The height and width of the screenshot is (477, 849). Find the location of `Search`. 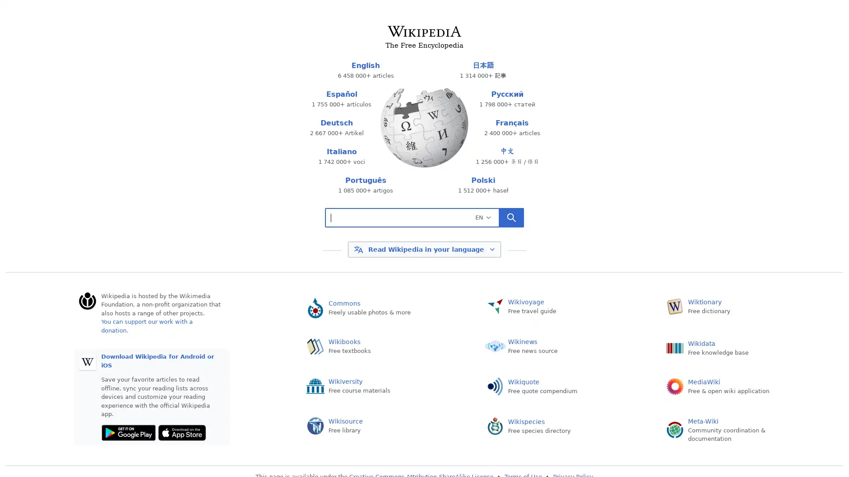

Search is located at coordinates (511, 218).